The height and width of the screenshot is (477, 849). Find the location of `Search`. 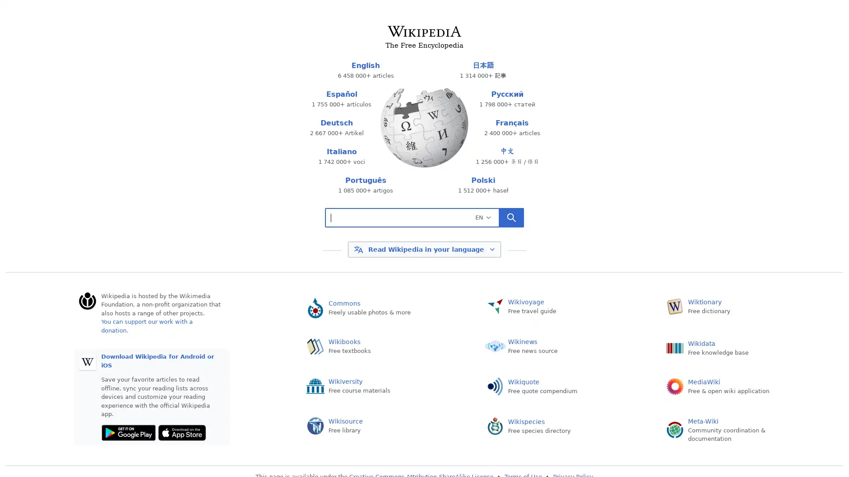

Search is located at coordinates (511, 218).